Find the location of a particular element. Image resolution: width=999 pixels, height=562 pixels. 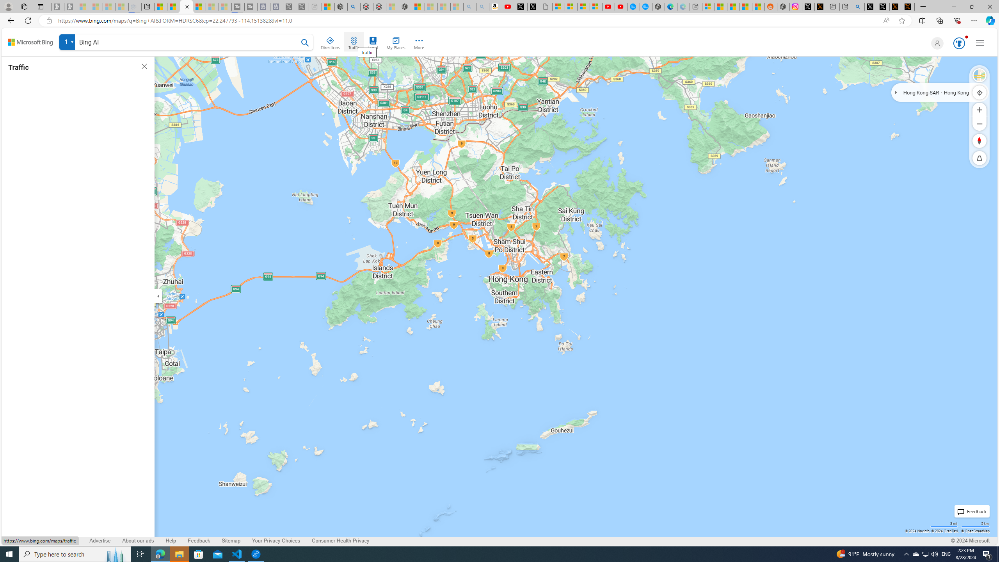

'Select Style' is located at coordinates (979, 75).